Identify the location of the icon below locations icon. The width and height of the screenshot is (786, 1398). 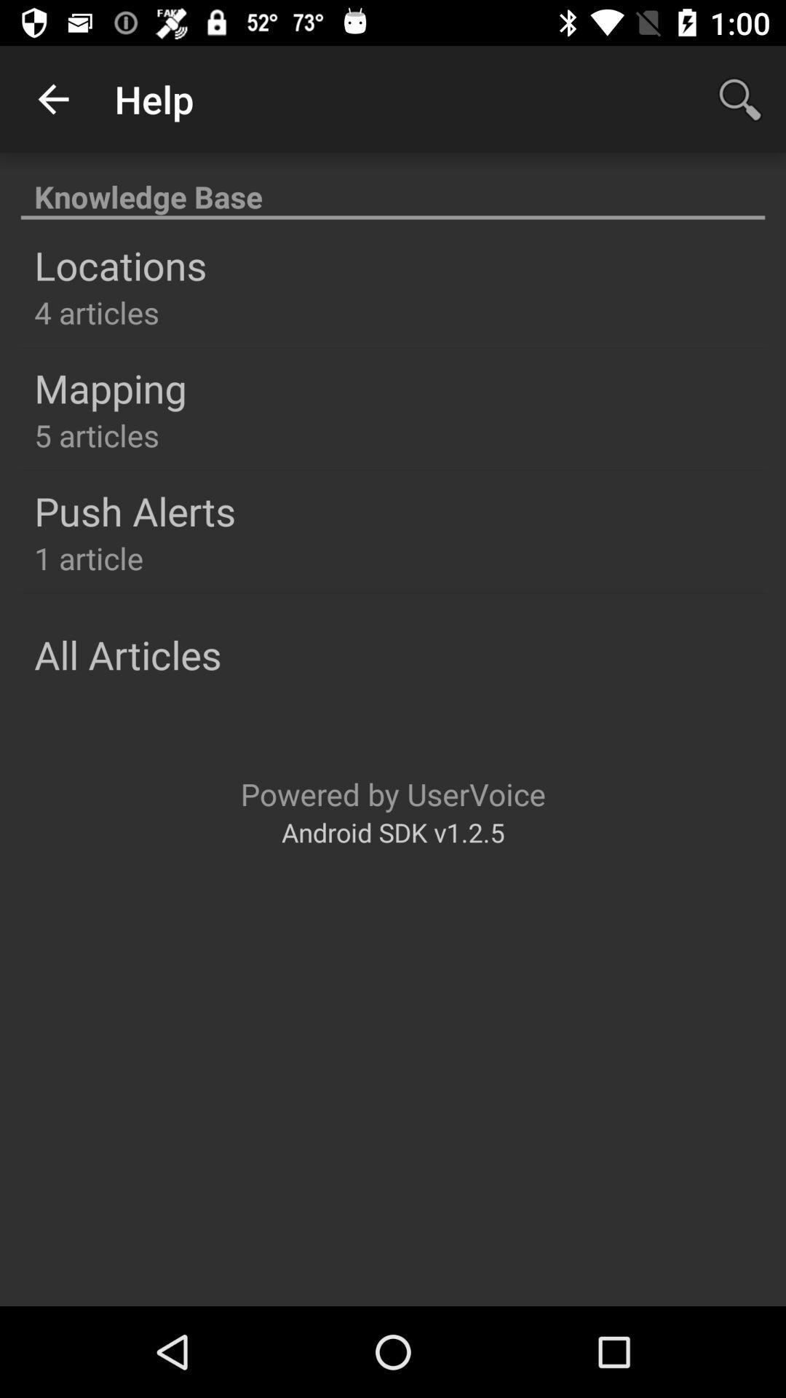
(97, 311).